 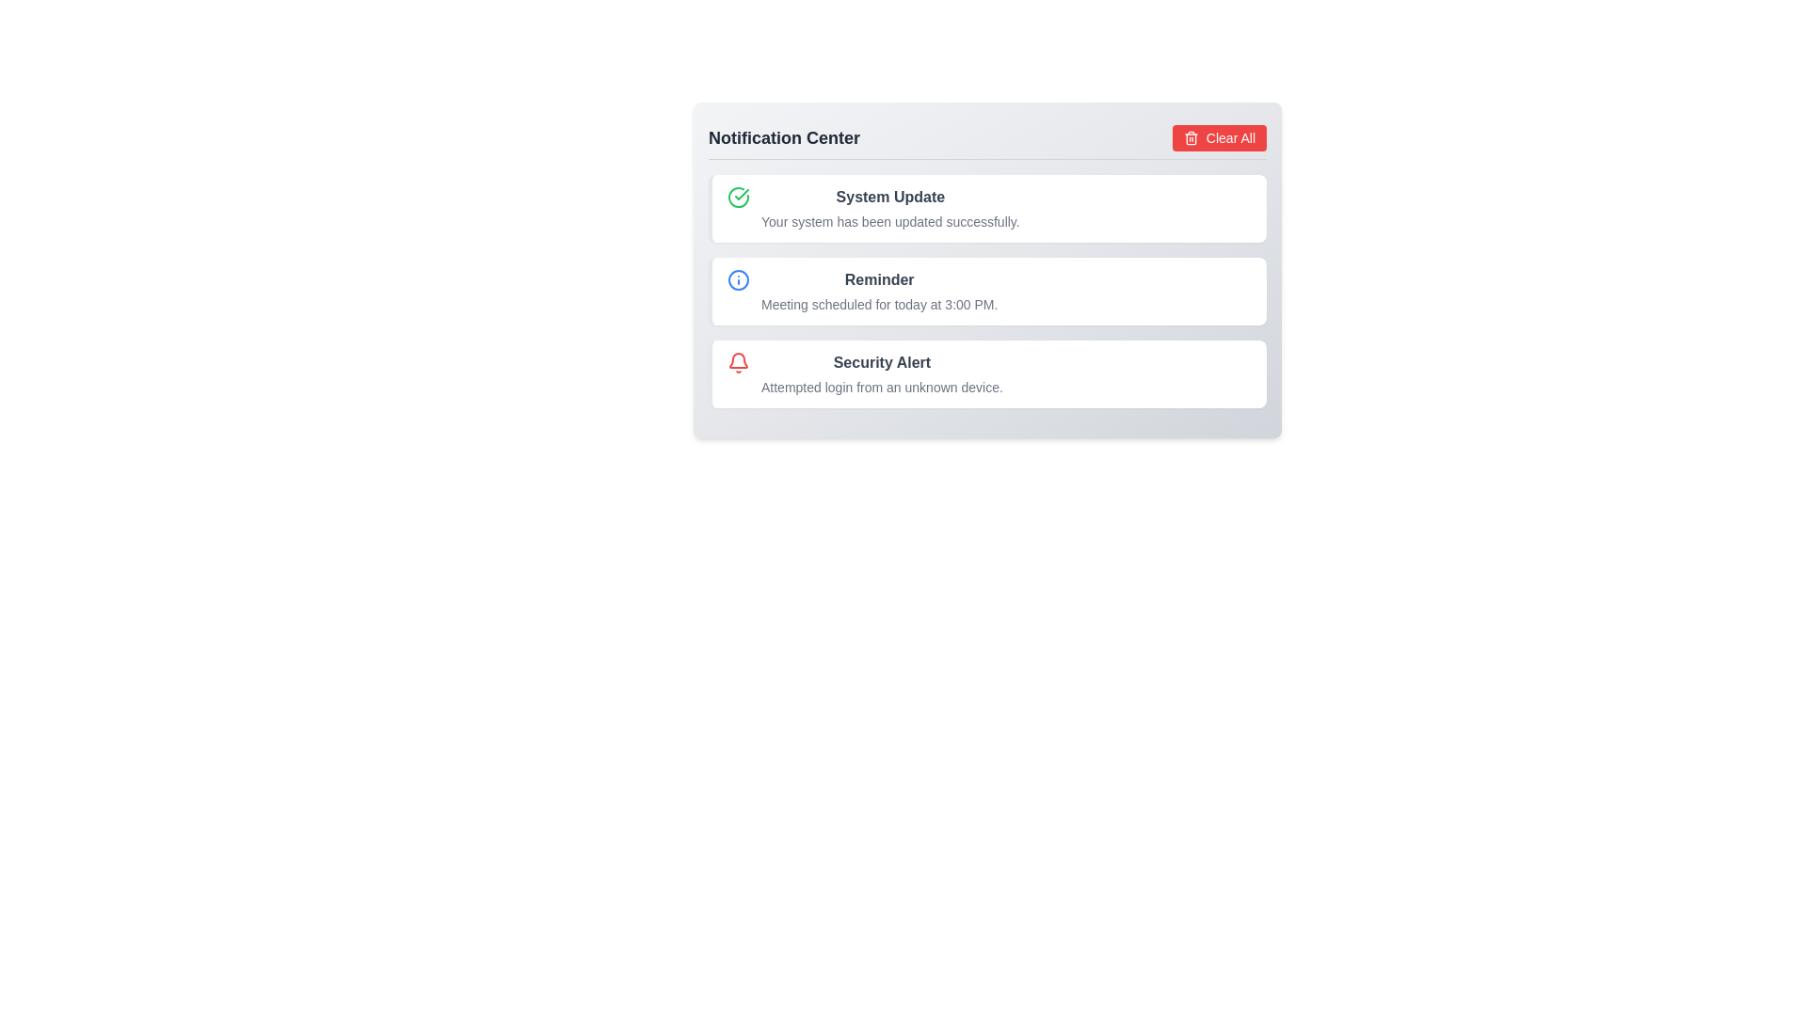 I want to click on the header label that indicates the notifications content at the top-left corner of the notification panel, so click(x=784, y=136).